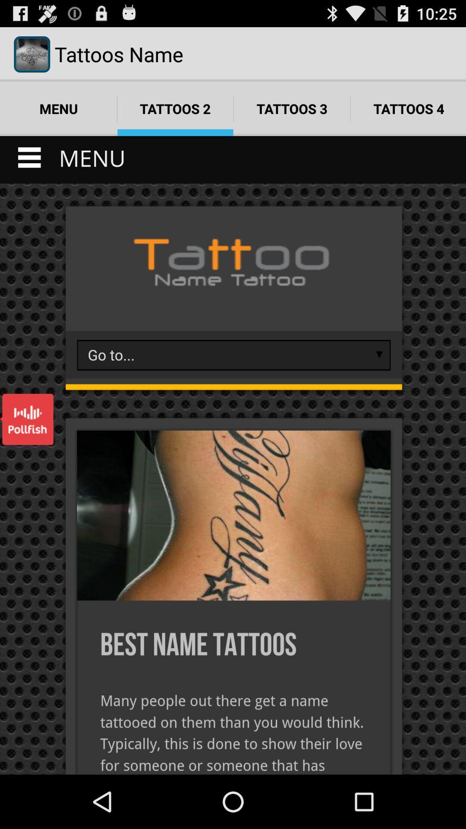 This screenshot has height=829, width=466. I want to click on pollfish button, so click(26, 419).